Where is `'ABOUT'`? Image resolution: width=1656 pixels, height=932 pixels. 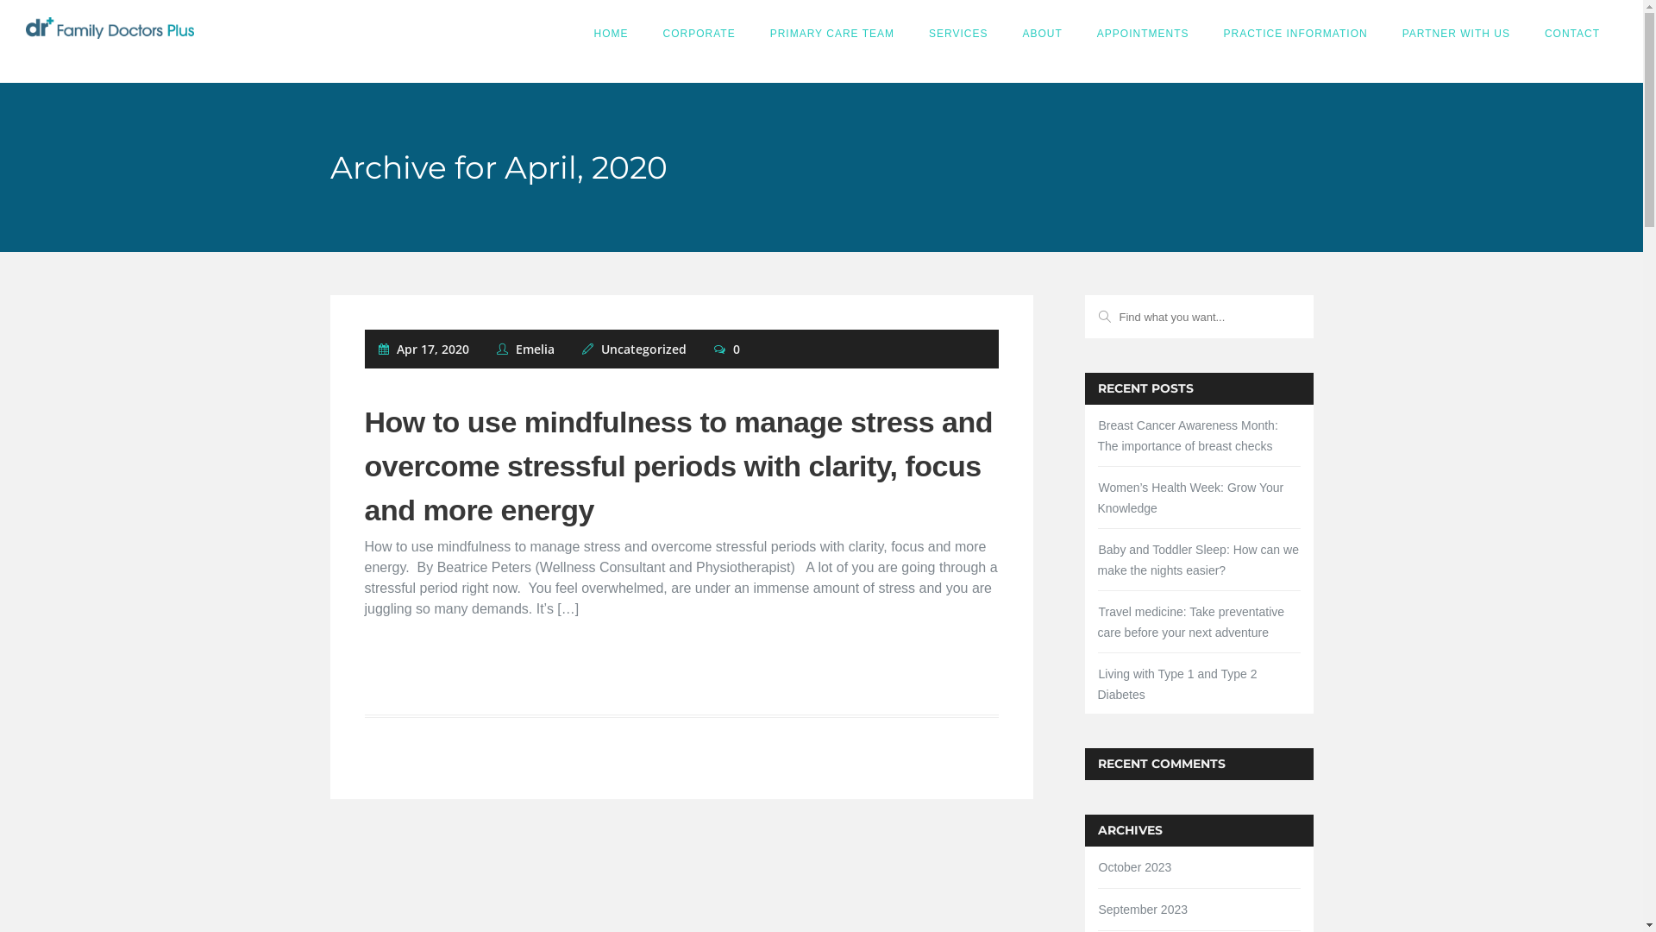
'ABOUT' is located at coordinates (1042, 33).